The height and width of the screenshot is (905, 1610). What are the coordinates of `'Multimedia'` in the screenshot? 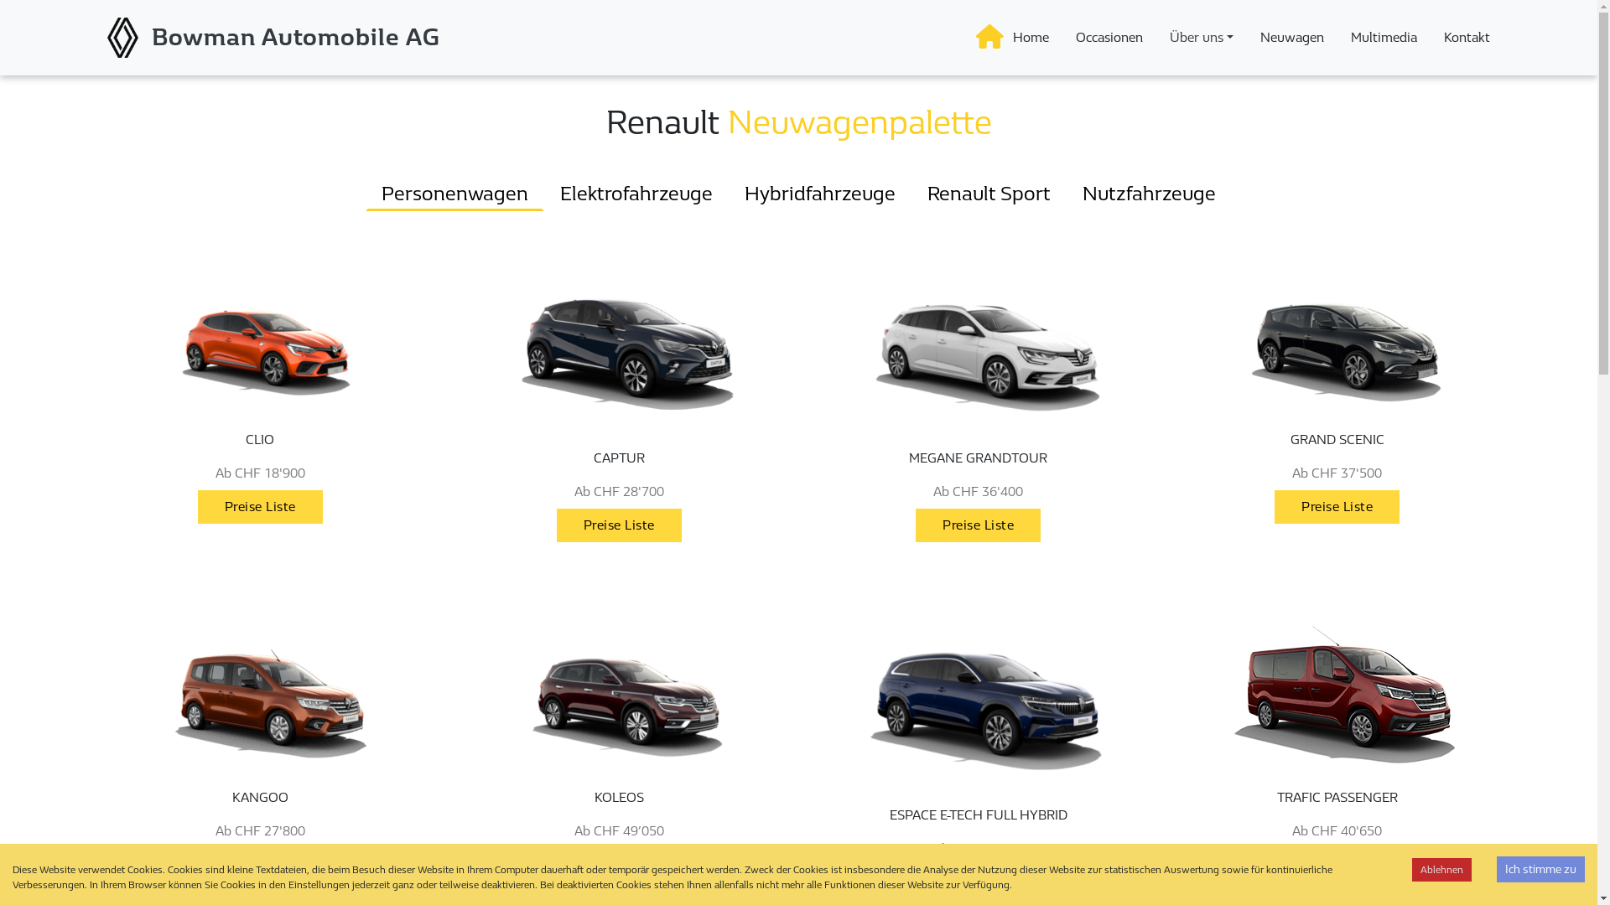 It's located at (1344, 38).